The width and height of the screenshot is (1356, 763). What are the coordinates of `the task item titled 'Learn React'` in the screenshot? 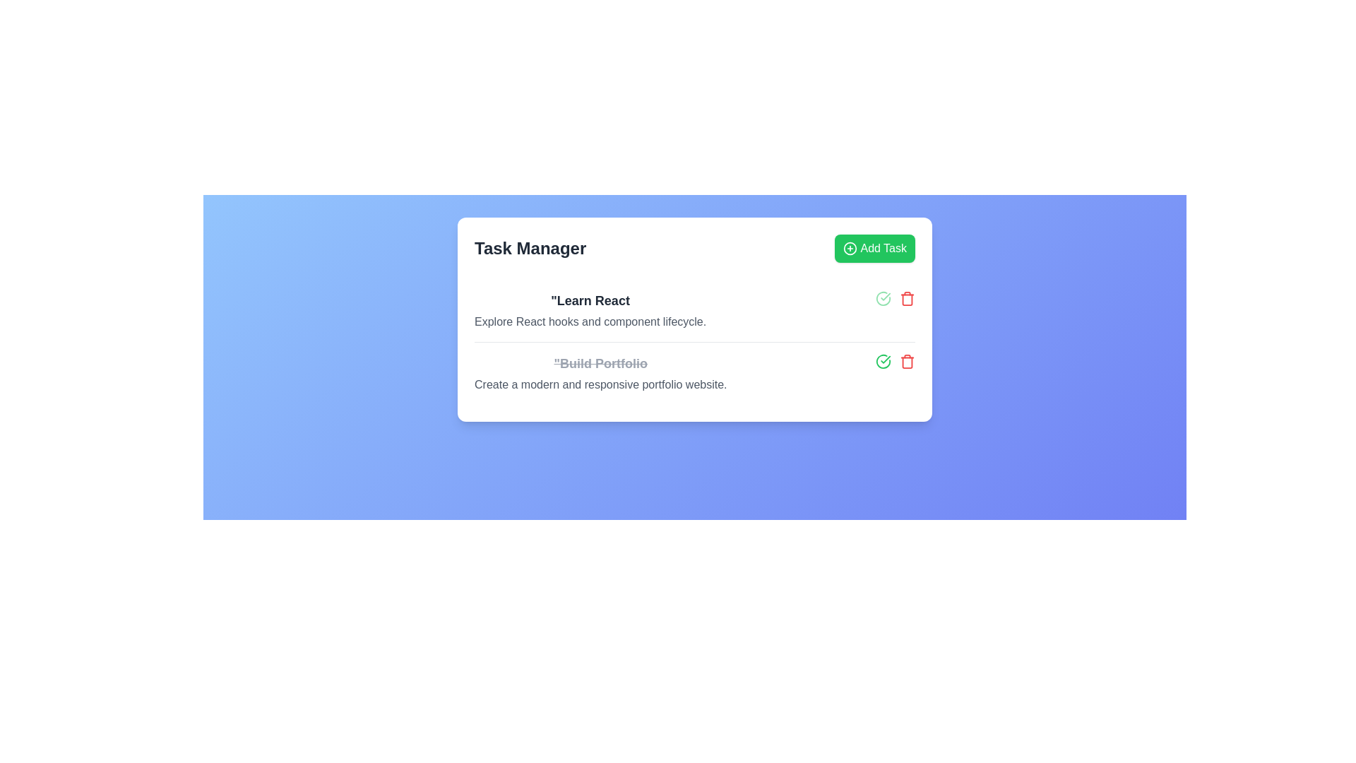 It's located at (694, 309).